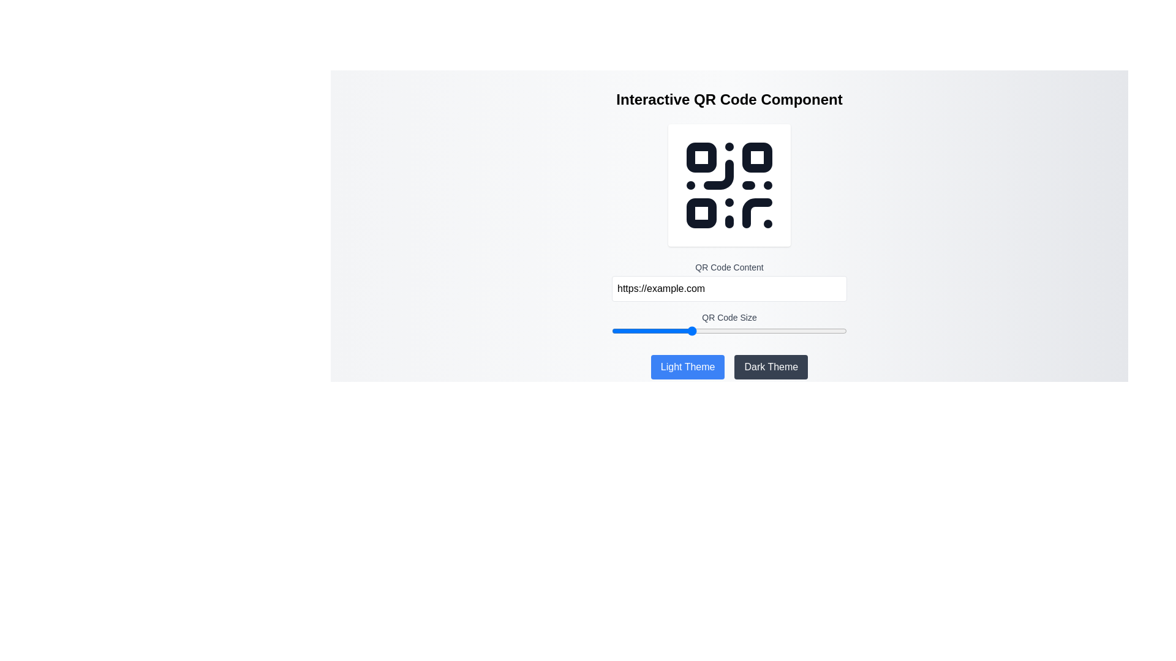  What do you see at coordinates (652, 330) in the screenshot?
I see `the QR Code size` at bounding box center [652, 330].